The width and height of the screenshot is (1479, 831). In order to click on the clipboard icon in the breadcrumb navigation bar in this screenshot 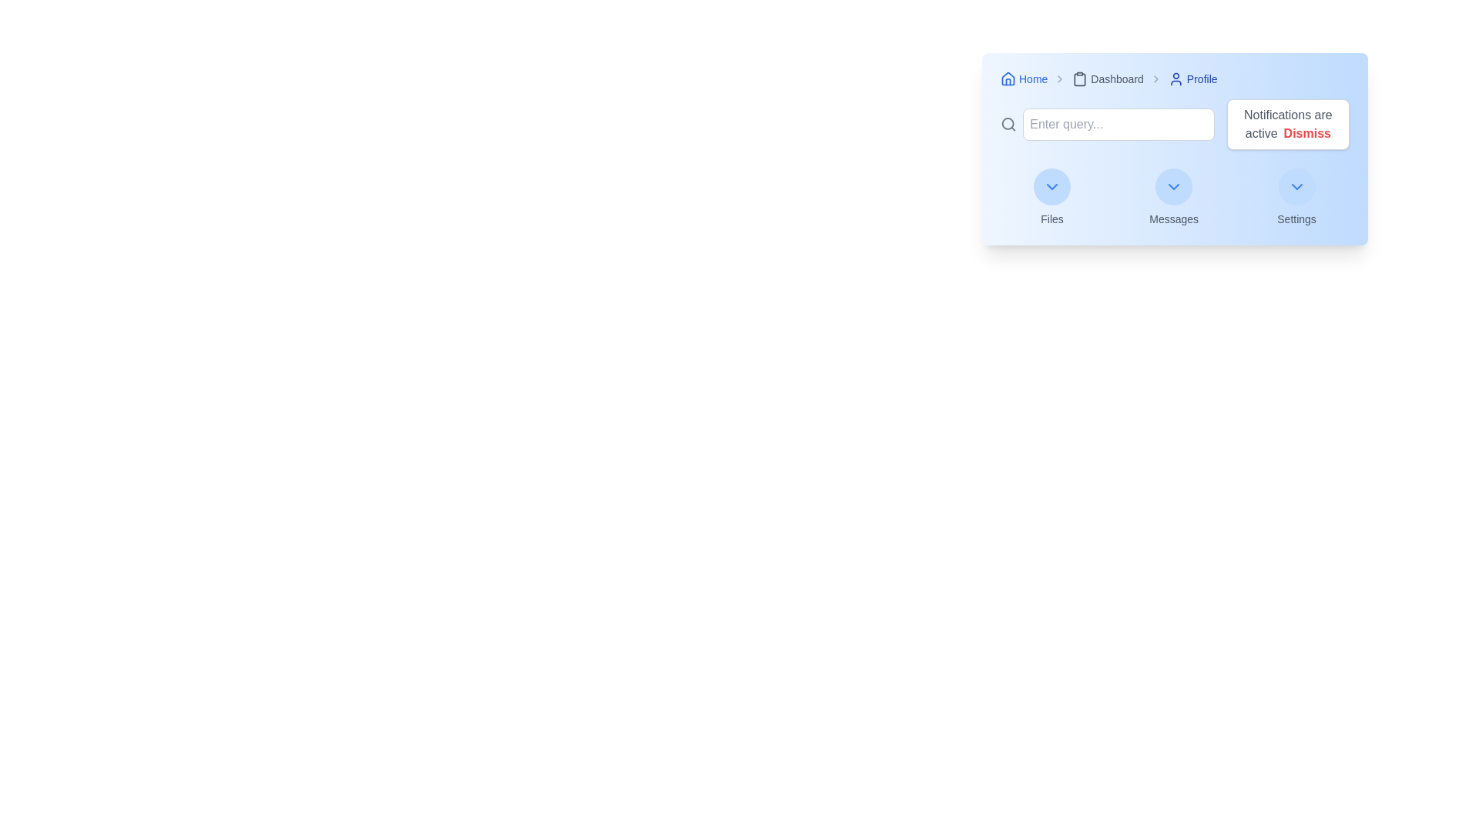, I will do `click(1079, 79)`.